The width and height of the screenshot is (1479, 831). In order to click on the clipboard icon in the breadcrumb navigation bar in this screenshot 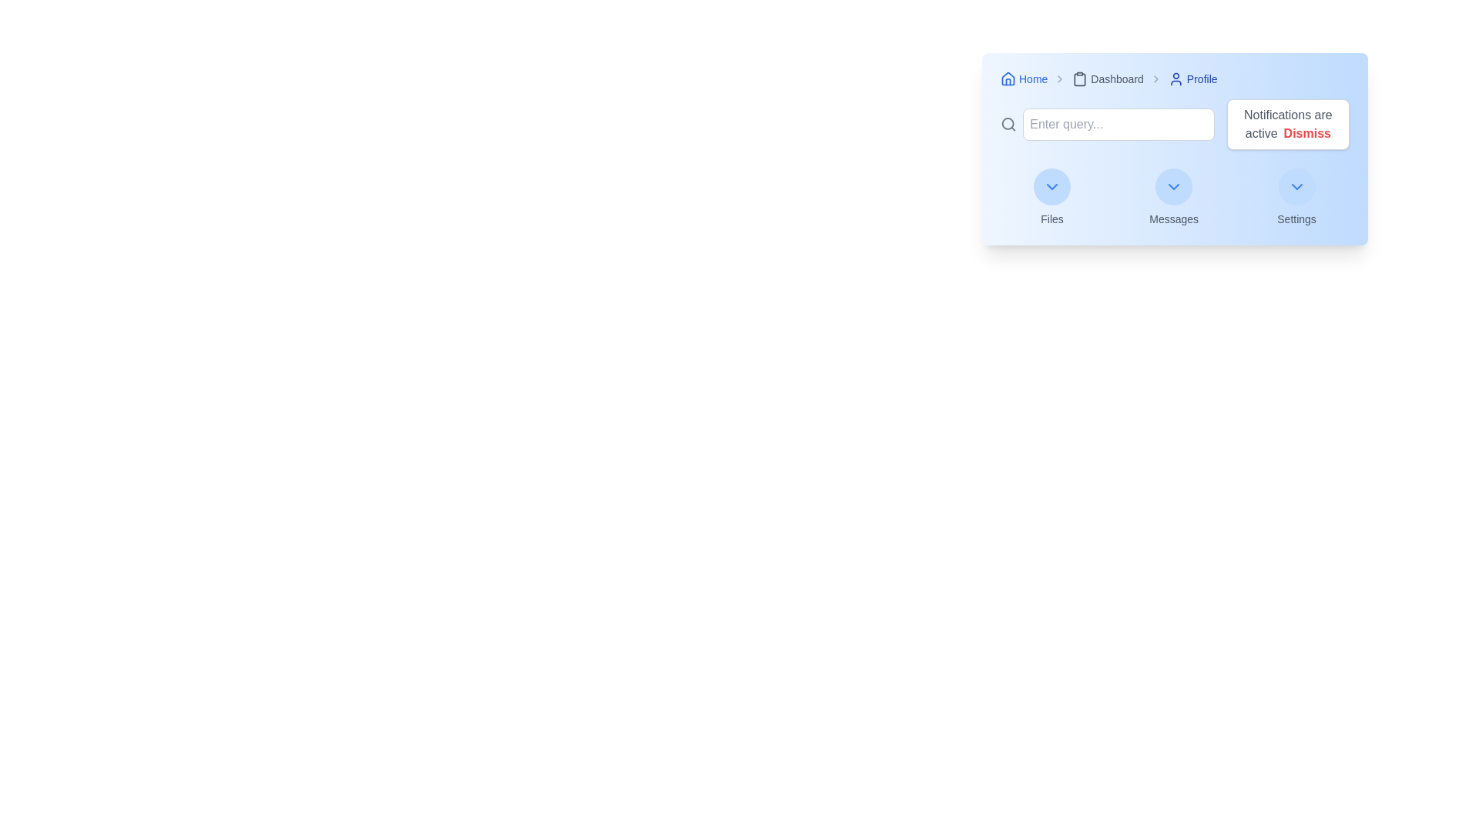, I will do `click(1079, 79)`.